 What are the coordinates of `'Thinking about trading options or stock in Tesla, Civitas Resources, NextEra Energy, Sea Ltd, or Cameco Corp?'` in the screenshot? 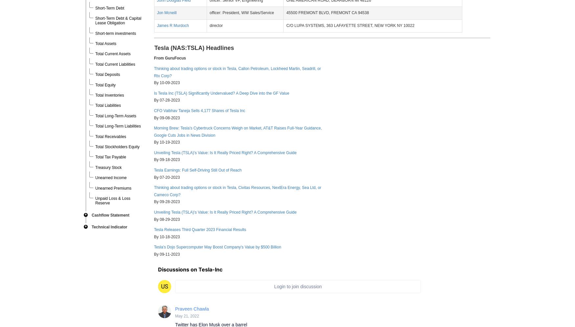 It's located at (237, 191).